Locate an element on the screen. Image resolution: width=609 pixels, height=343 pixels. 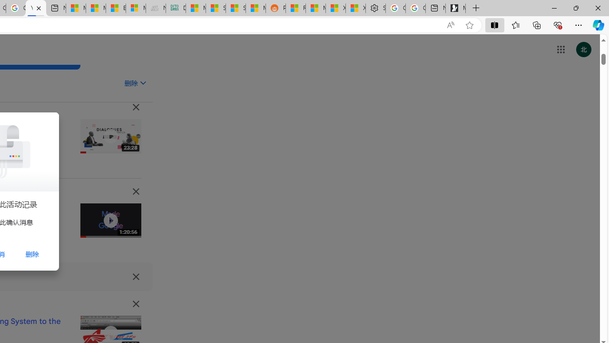
'Entertainment - MSN' is located at coordinates (115, 8).